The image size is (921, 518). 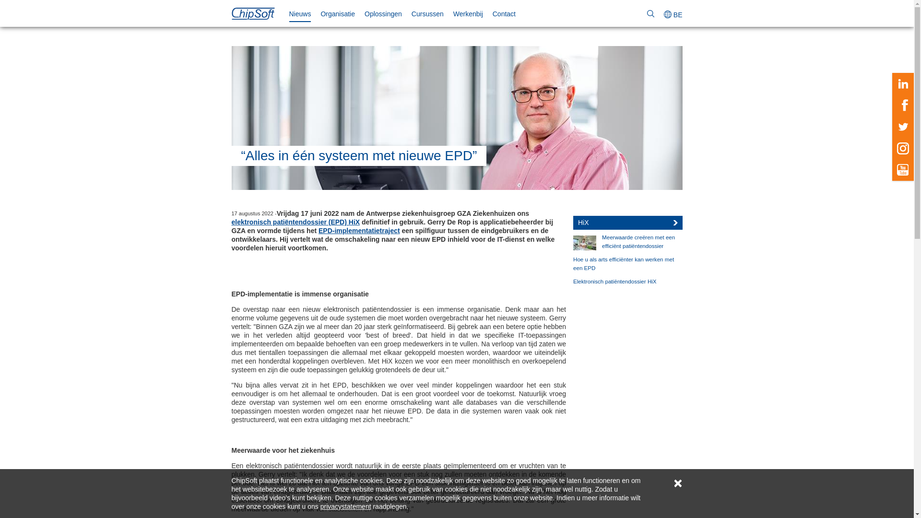 I want to click on 'Organisatie', so click(x=338, y=14).